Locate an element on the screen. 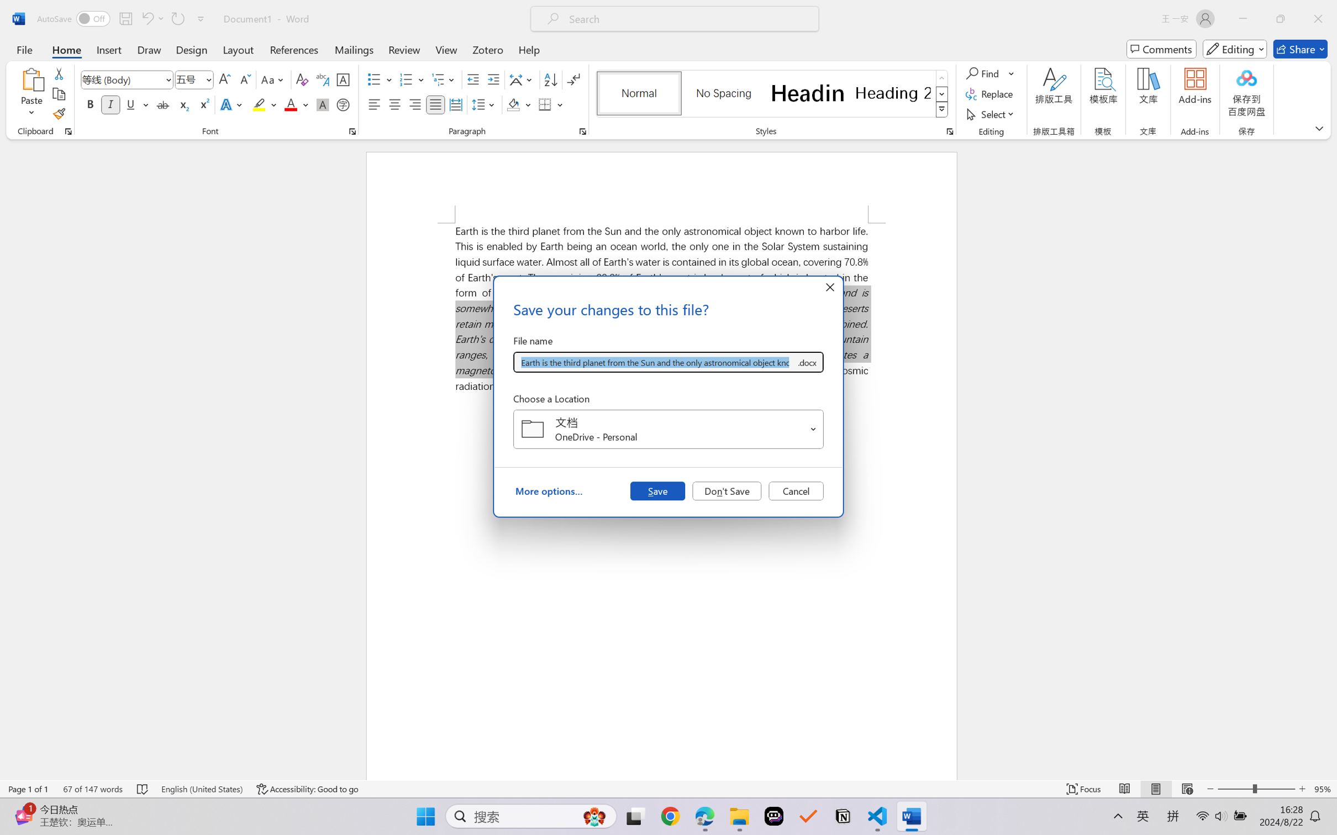 Image resolution: width=1337 pixels, height=835 pixels. 'Show/Hide Editing Marks' is located at coordinates (573, 80).